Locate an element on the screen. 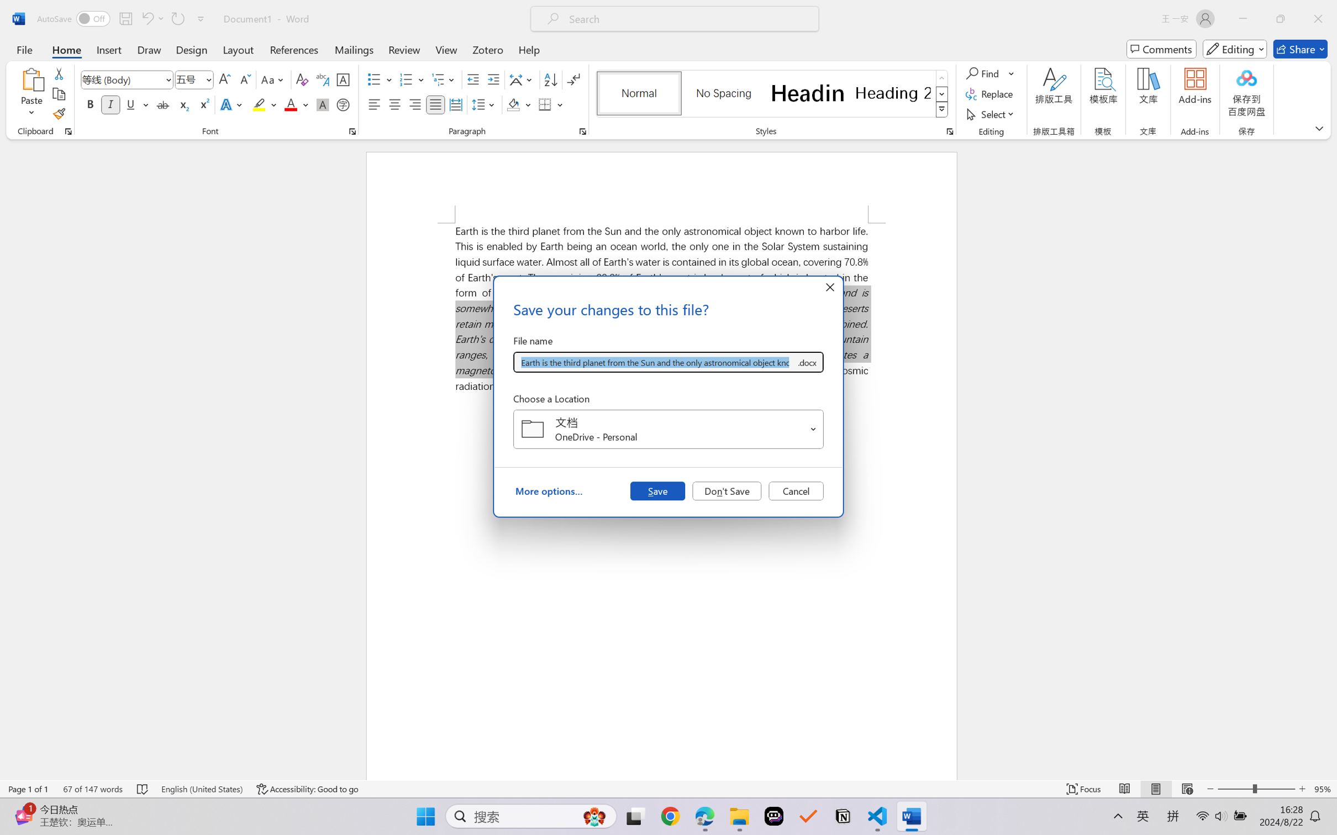 Image resolution: width=1337 pixels, height=835 pixels. 'Show/Hide Editing Marks' is located at coordinates (573, 80).